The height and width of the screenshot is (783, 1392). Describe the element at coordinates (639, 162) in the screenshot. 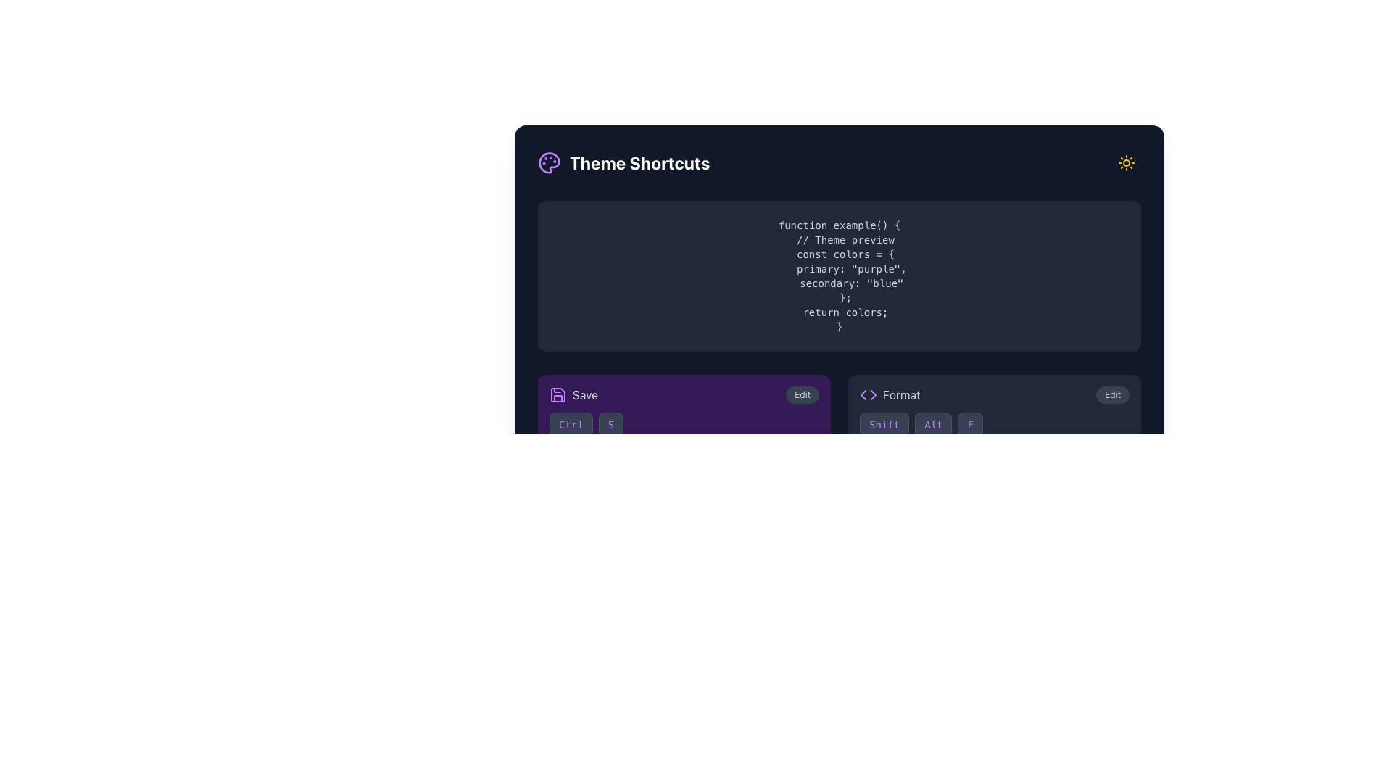

I see `the prominent static text label reading 'Theme Shortcuts', styled in bold, large white font against a dark background, located in the top-left quadrant of the interface` at that location.